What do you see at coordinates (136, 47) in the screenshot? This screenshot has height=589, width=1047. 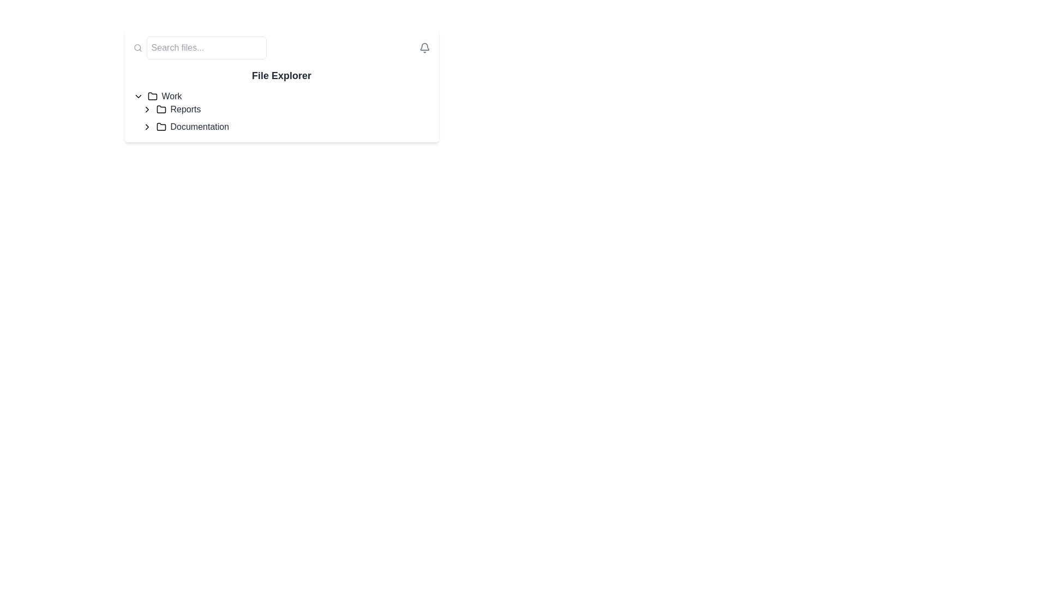 I see `the search icon by clicking on the circular component of the magnifying glass located at the top-left corner of the file explorer interface` at bounding box center [136, 47].